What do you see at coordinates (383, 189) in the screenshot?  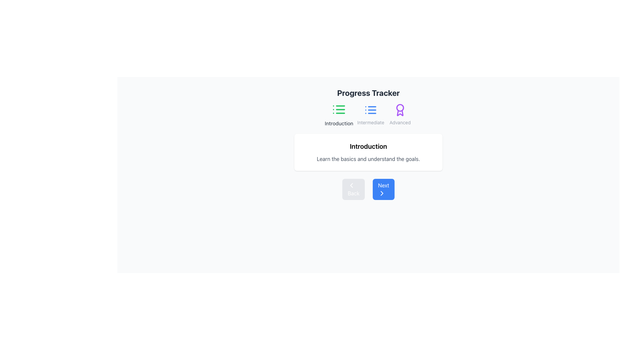 I see `the navigation button located at the bottom-right area of the content section, which is positioned to the right of the 'Back' button` at bounding box center [383, 189].